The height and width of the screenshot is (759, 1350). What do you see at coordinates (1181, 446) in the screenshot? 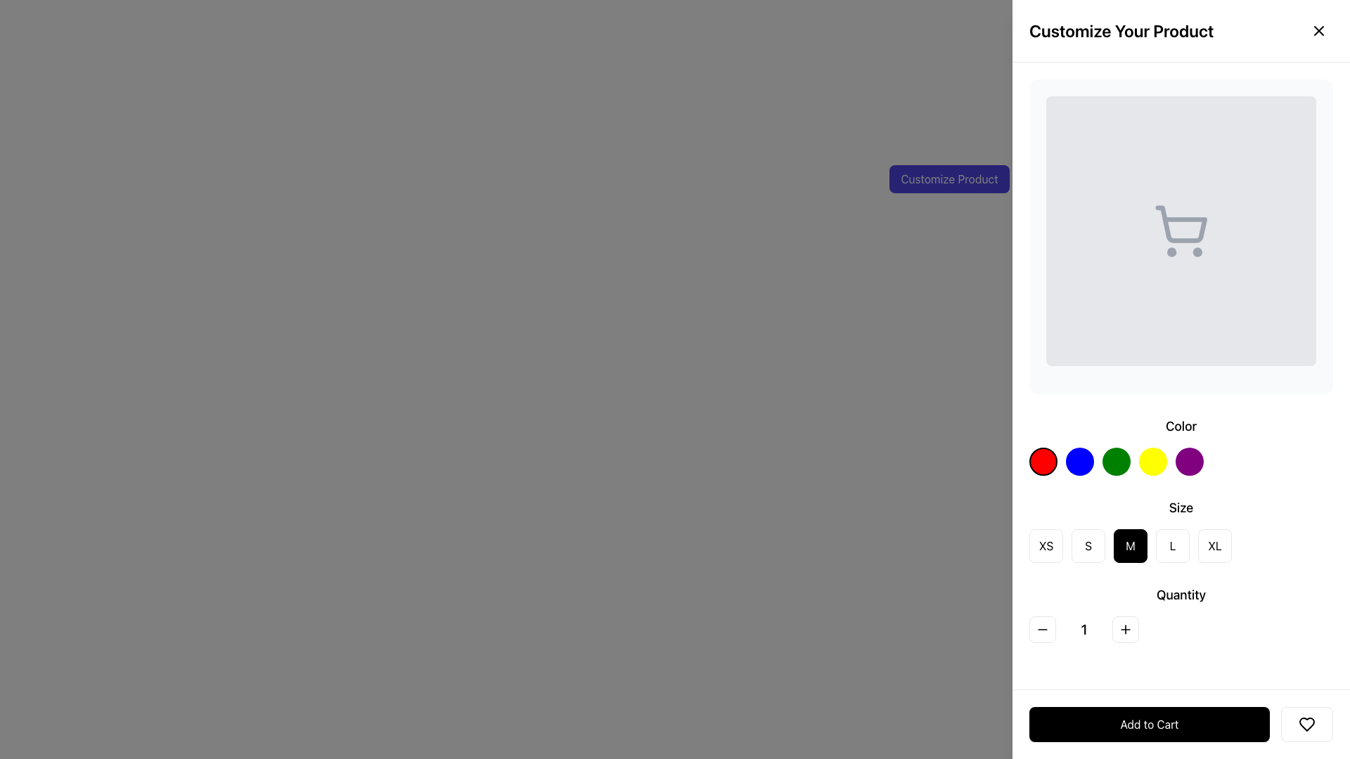
I see `the color button in the Color selection group labeled 'Color'` at bounding box center [1181, 446].